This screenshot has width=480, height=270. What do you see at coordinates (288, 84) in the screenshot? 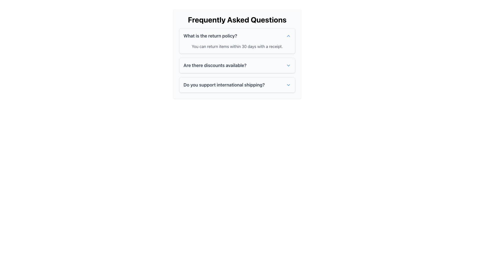
I see `the expand/collapse icon associated with the FAQ question 'Do you support international shipping?'` at bounding box center [288, 84].